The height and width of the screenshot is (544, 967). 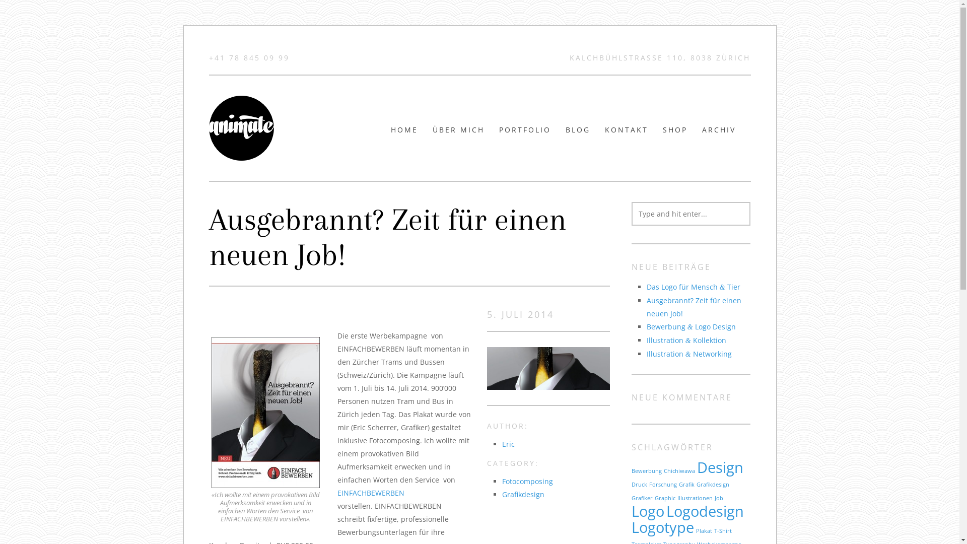 What do you see at coordinates (701, 133) in the screenshot?
I see `'ARCHIV'` at bounding box center [701, 133].